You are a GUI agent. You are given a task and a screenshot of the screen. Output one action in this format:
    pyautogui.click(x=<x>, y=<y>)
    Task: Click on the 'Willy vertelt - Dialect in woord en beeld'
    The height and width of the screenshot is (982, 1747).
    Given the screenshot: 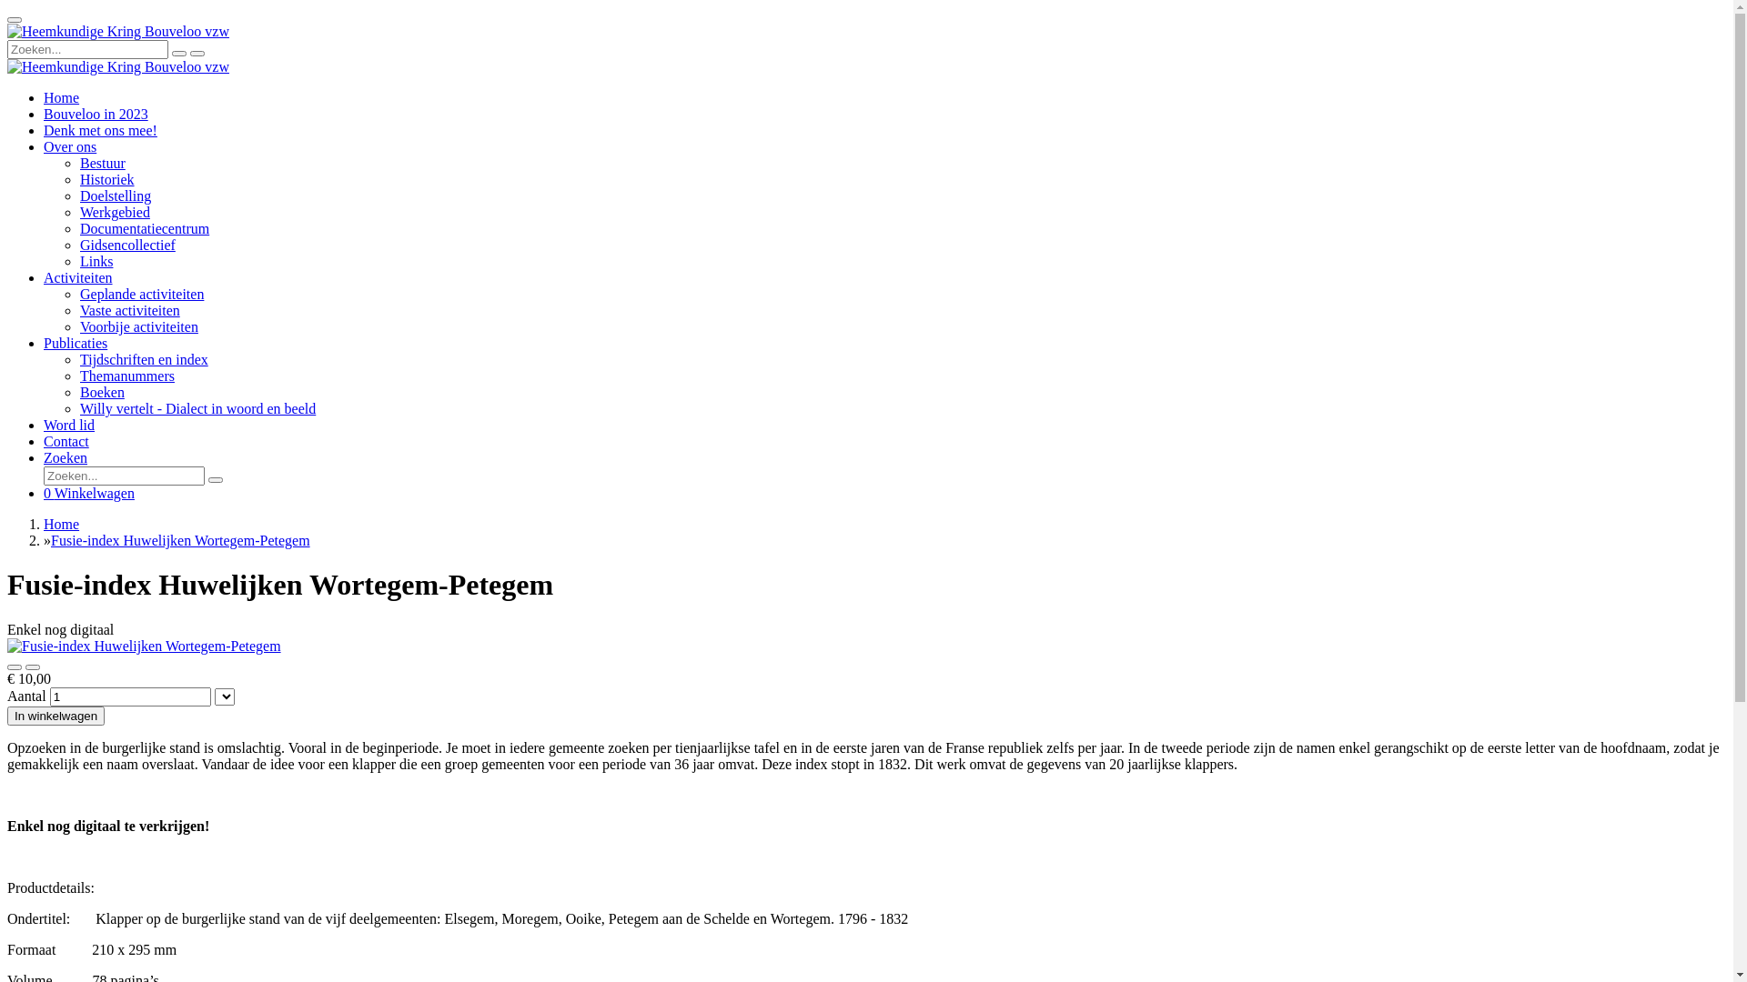 What is the action you would take?
    pyautogui.click(x=78, y=407)
    